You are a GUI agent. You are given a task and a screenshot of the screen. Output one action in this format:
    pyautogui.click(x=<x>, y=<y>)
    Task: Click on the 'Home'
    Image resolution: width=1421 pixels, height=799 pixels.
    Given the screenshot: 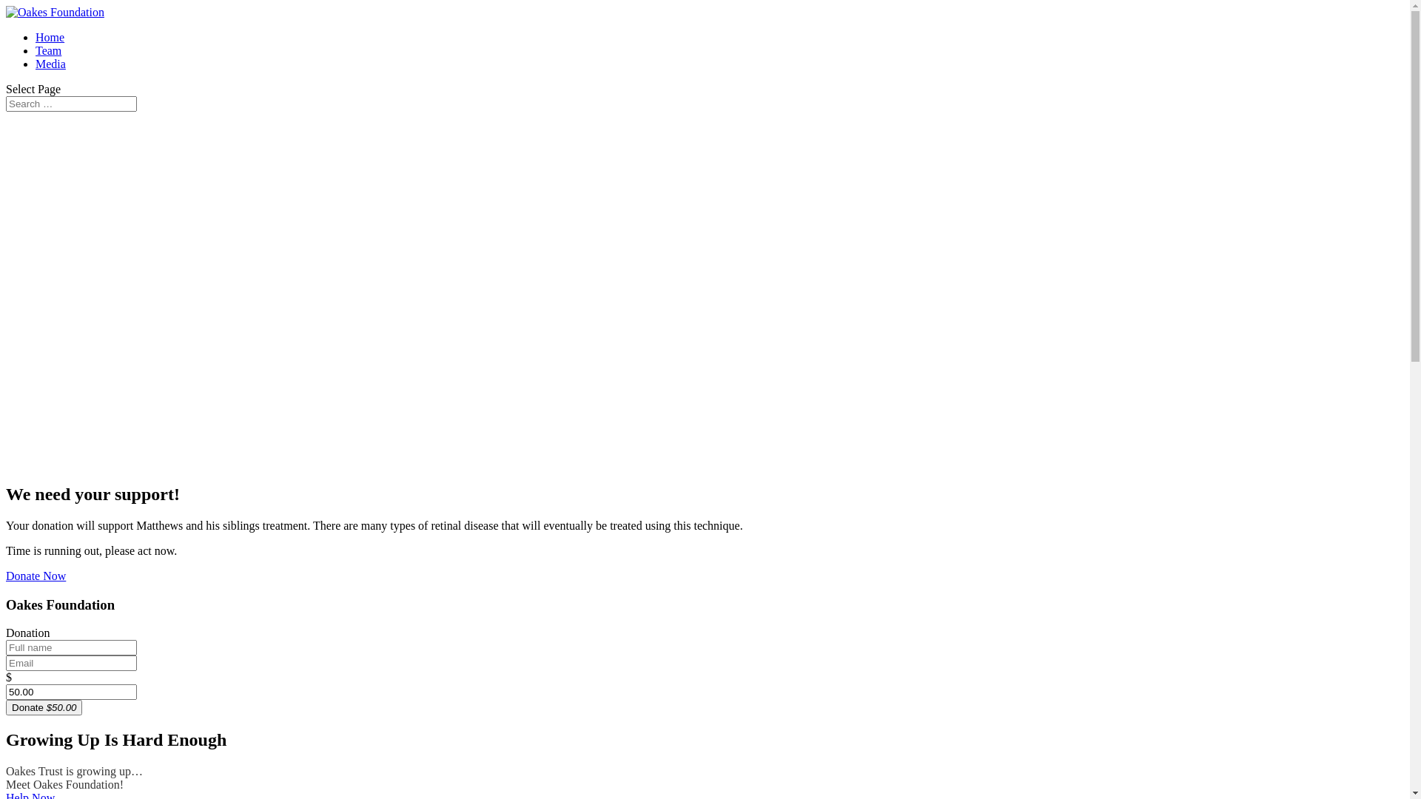 What is the action you would take?
    pyautogui.click(x=36, y=36)
    